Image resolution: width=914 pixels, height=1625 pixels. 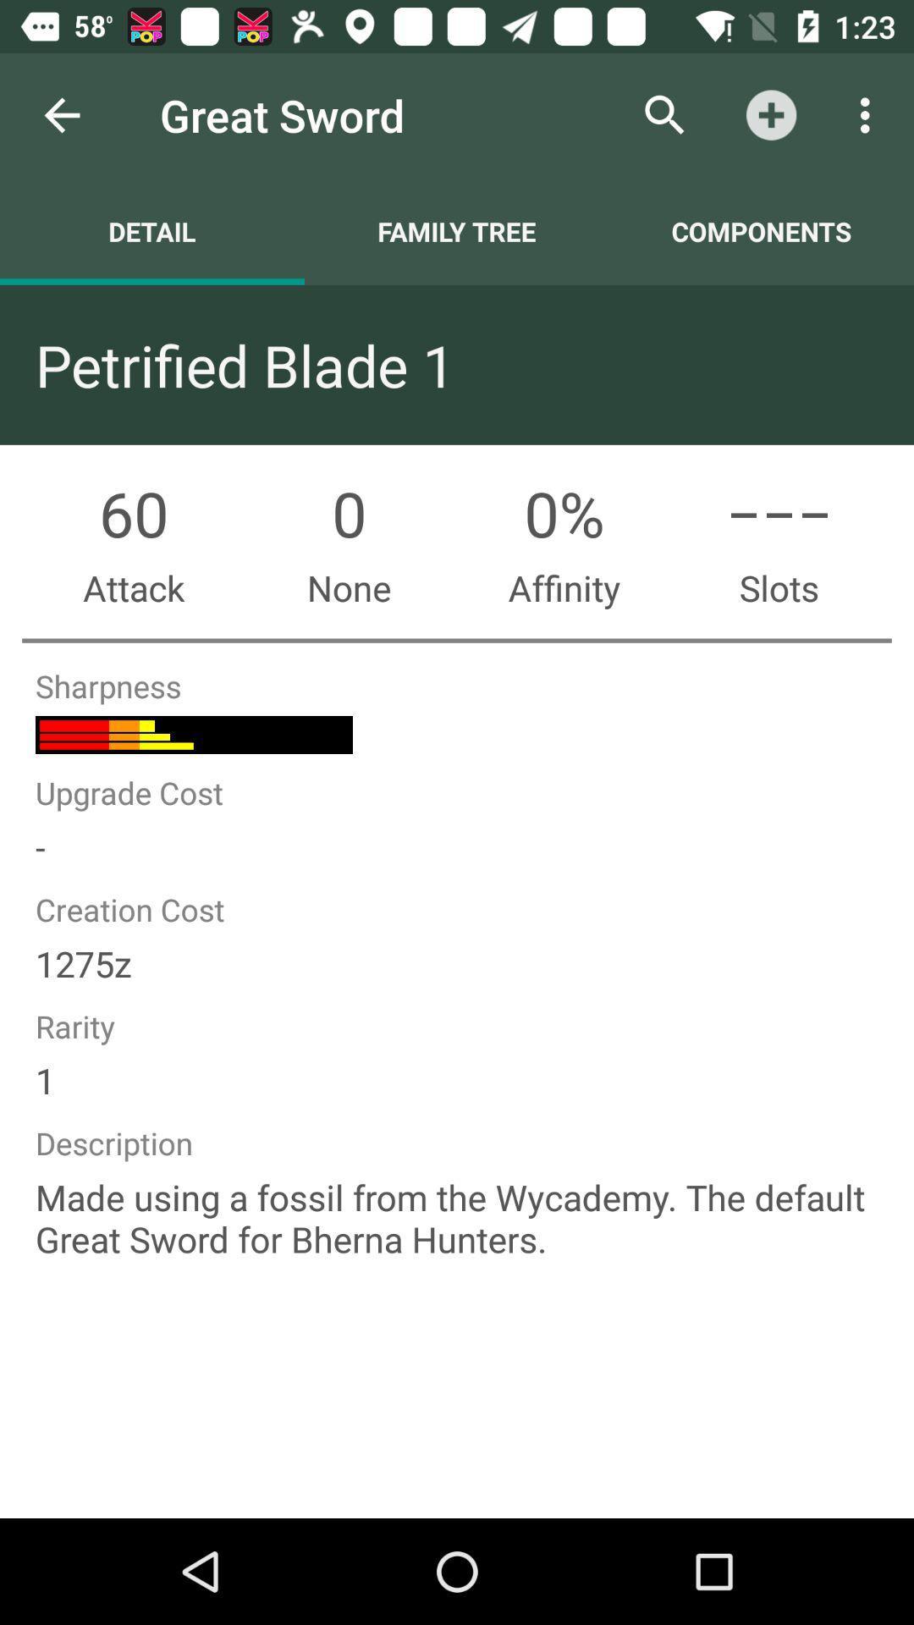 What do you see at coordinates (457, 230) in the screenshot?
I see `the app next to components app` at bounding box center [457, 230].